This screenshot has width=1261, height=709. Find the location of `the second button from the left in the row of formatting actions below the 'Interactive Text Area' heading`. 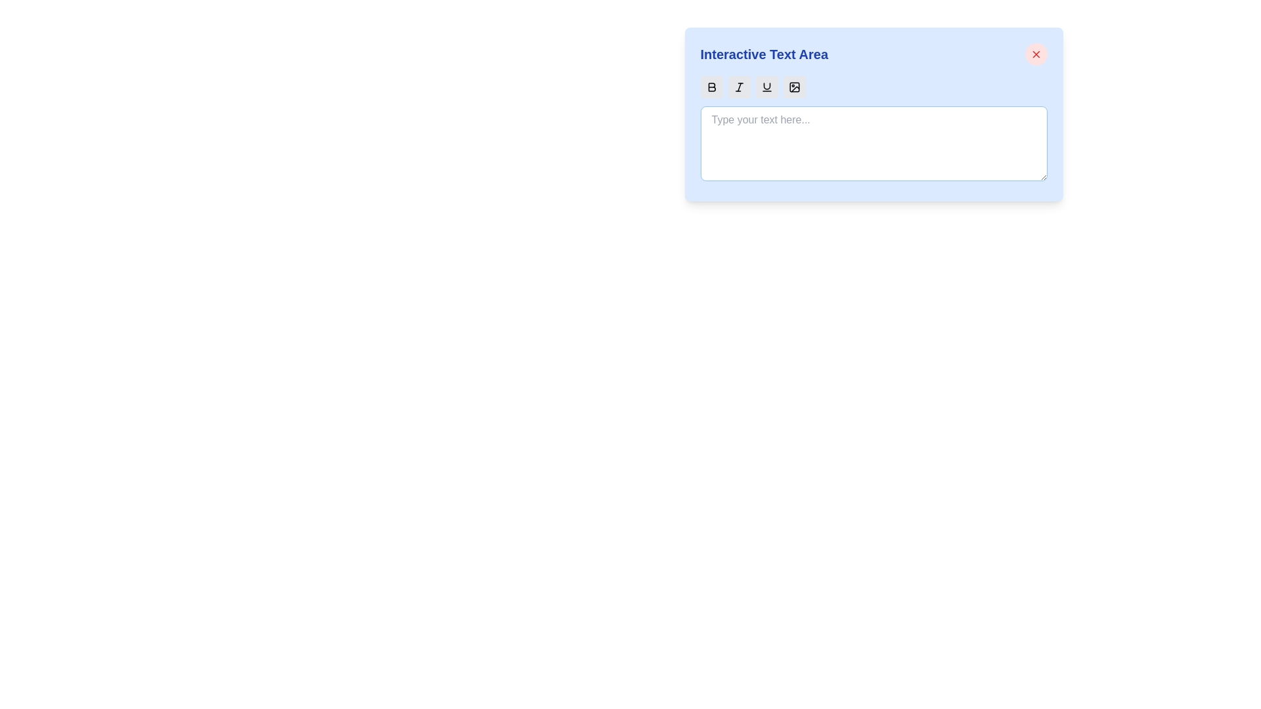

the second button from the left in the row of formatting actions below the 'Interactive Text Area' heading is located at coordinates (739, 87).